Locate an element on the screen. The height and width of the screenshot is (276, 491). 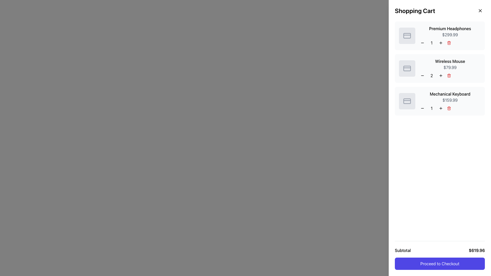
the red trash can icon is located at coordinates (449, 108).